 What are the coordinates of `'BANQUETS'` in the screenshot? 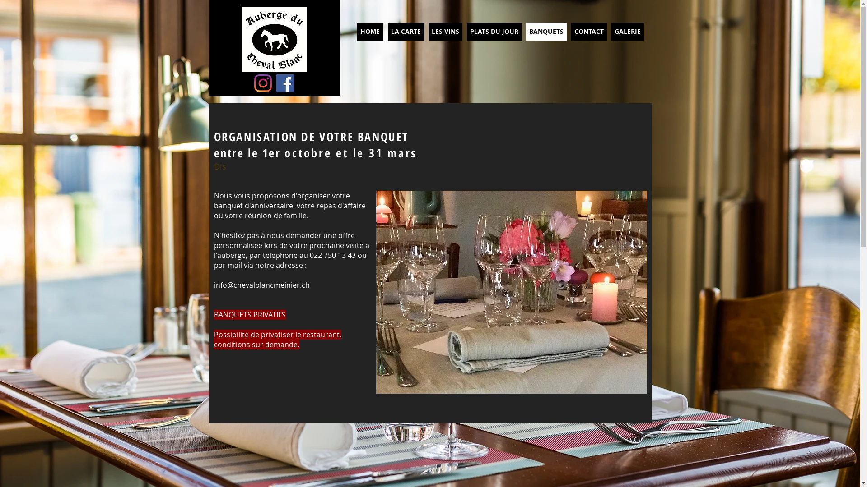 It's located at (545, 31).